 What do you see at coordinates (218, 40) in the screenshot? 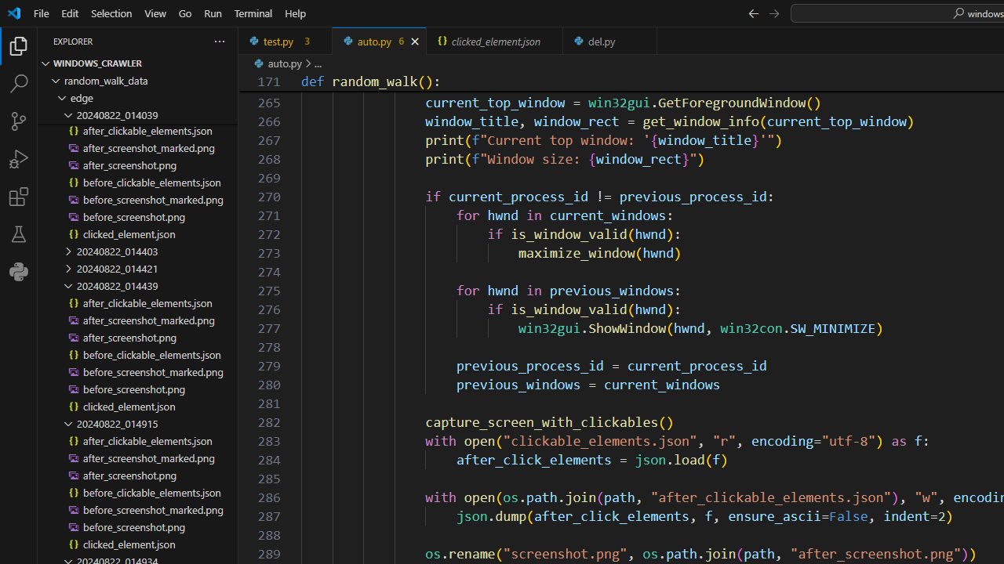
I see `'Views and More Actions...'` at bounding box center [218, 40].